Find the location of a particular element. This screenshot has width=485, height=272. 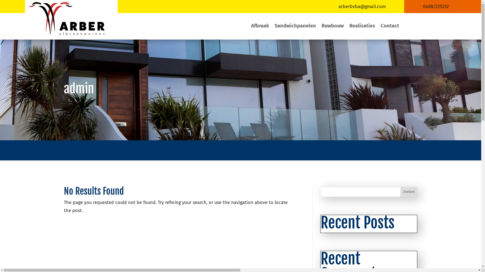

'Zoeken' is located at coordinates (409, 192).